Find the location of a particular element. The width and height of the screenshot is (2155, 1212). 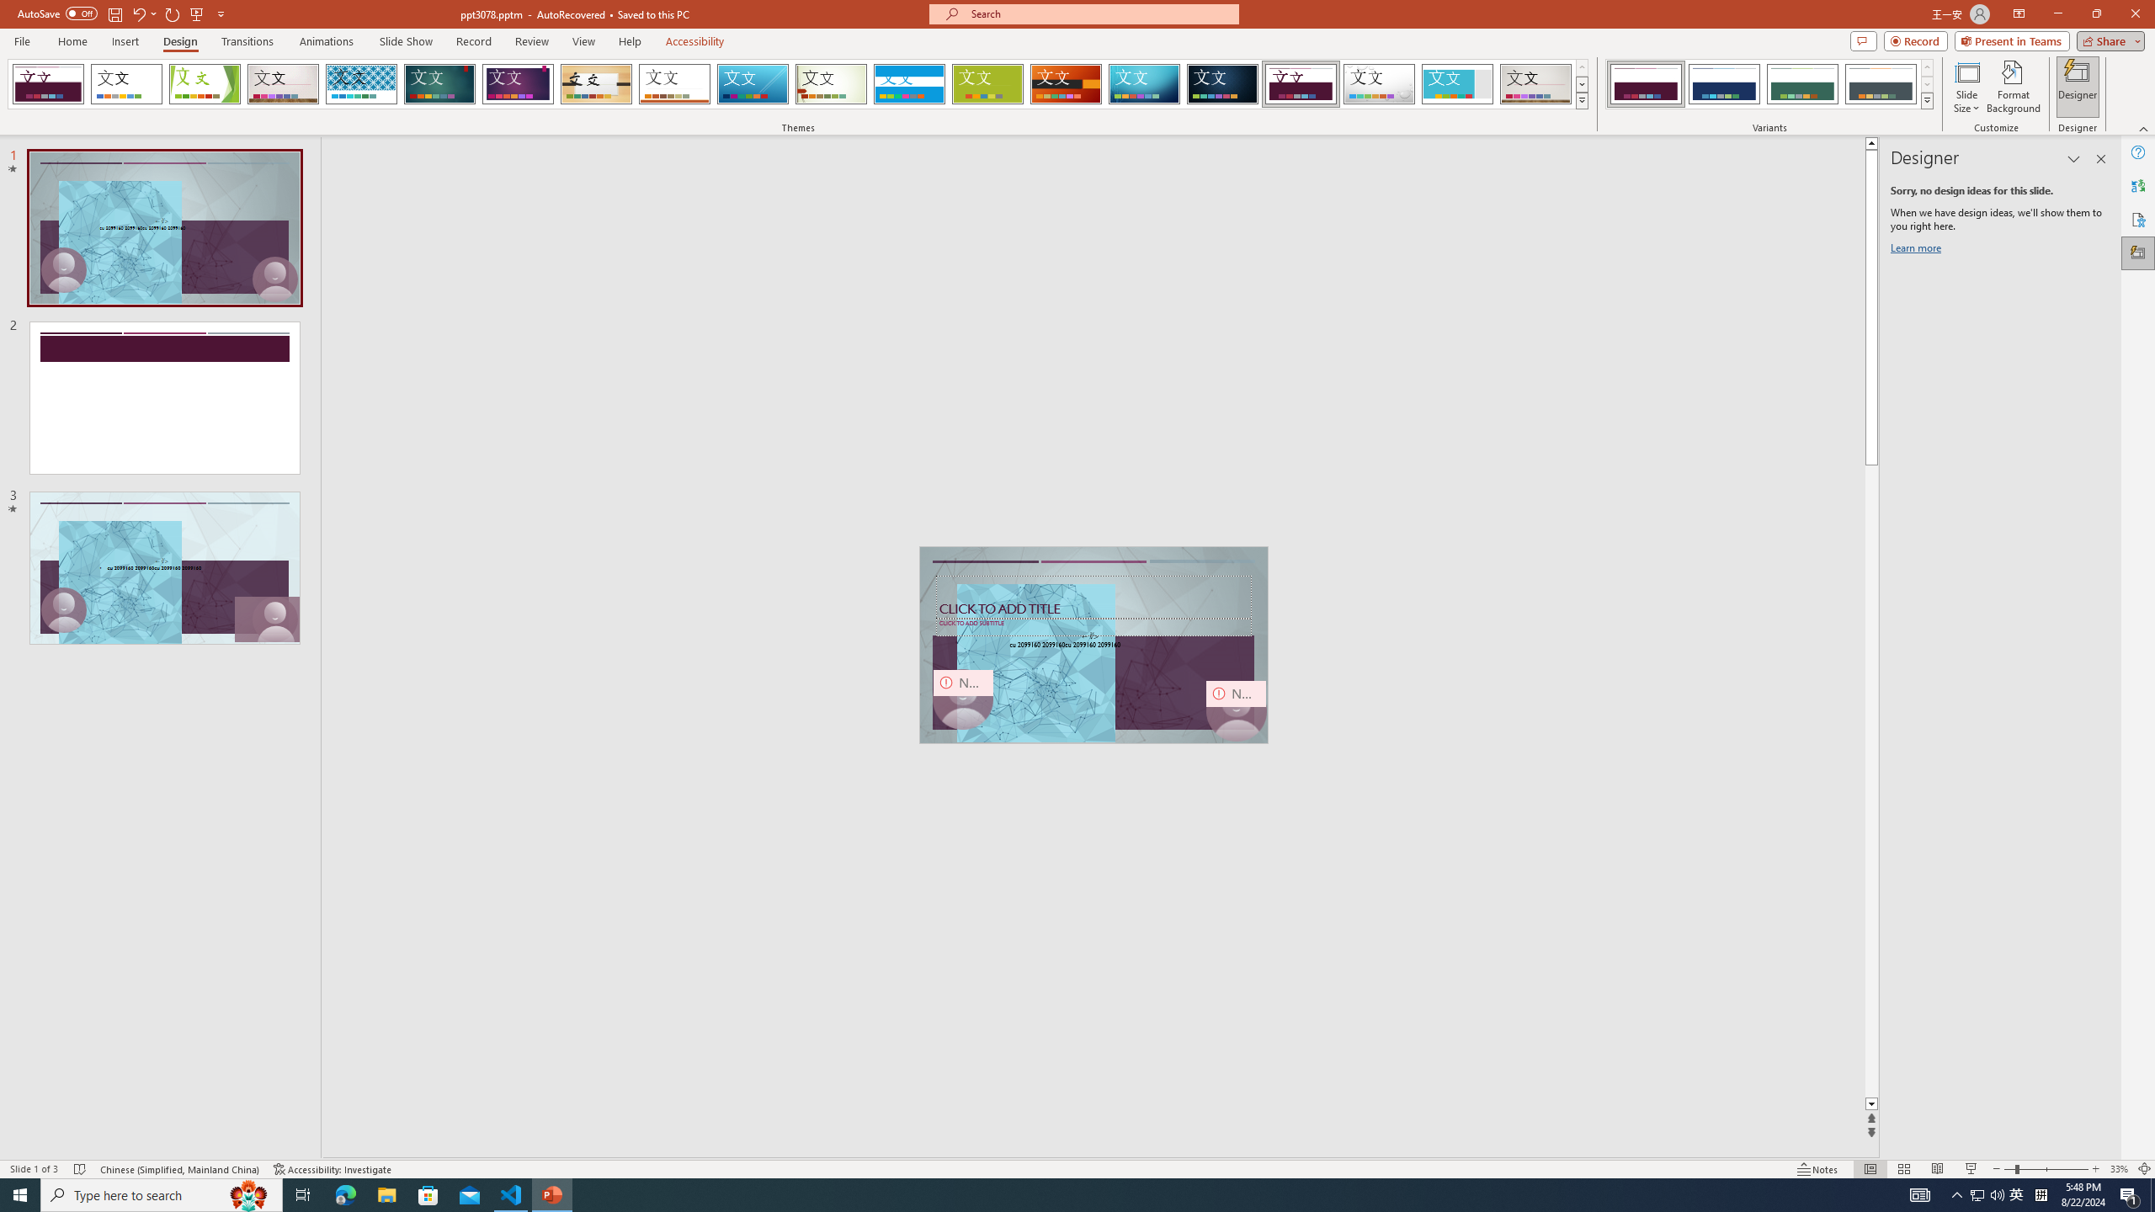

'View' is located at coordinates (584, 41).